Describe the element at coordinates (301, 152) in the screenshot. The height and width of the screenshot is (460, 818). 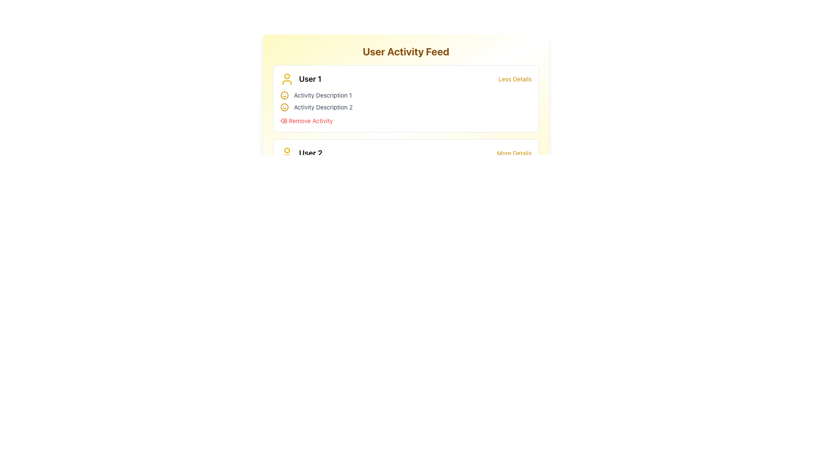
I see `the user identifier visual label that displays a user-related icon and their name` at that location.